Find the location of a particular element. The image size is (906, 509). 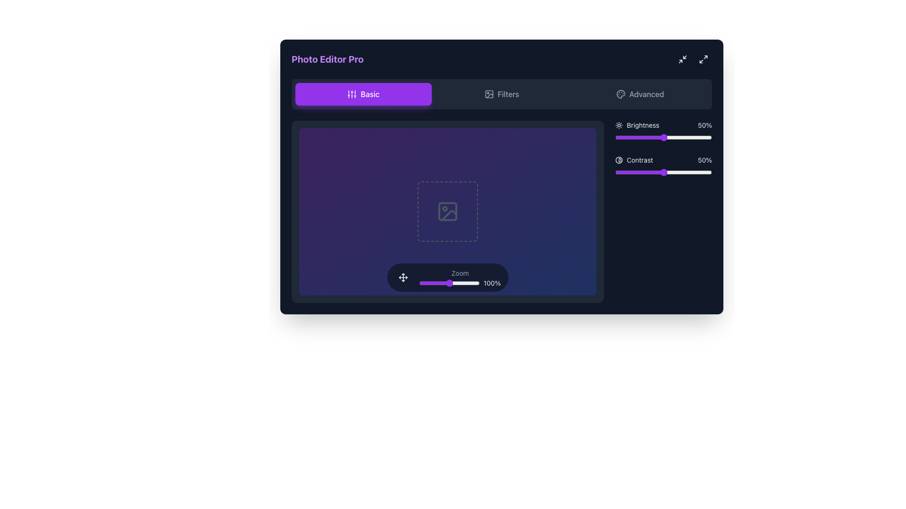

the image placeholder icon centered within the dashed-border square in the photo editor interface is located at coordinates (447, 211).